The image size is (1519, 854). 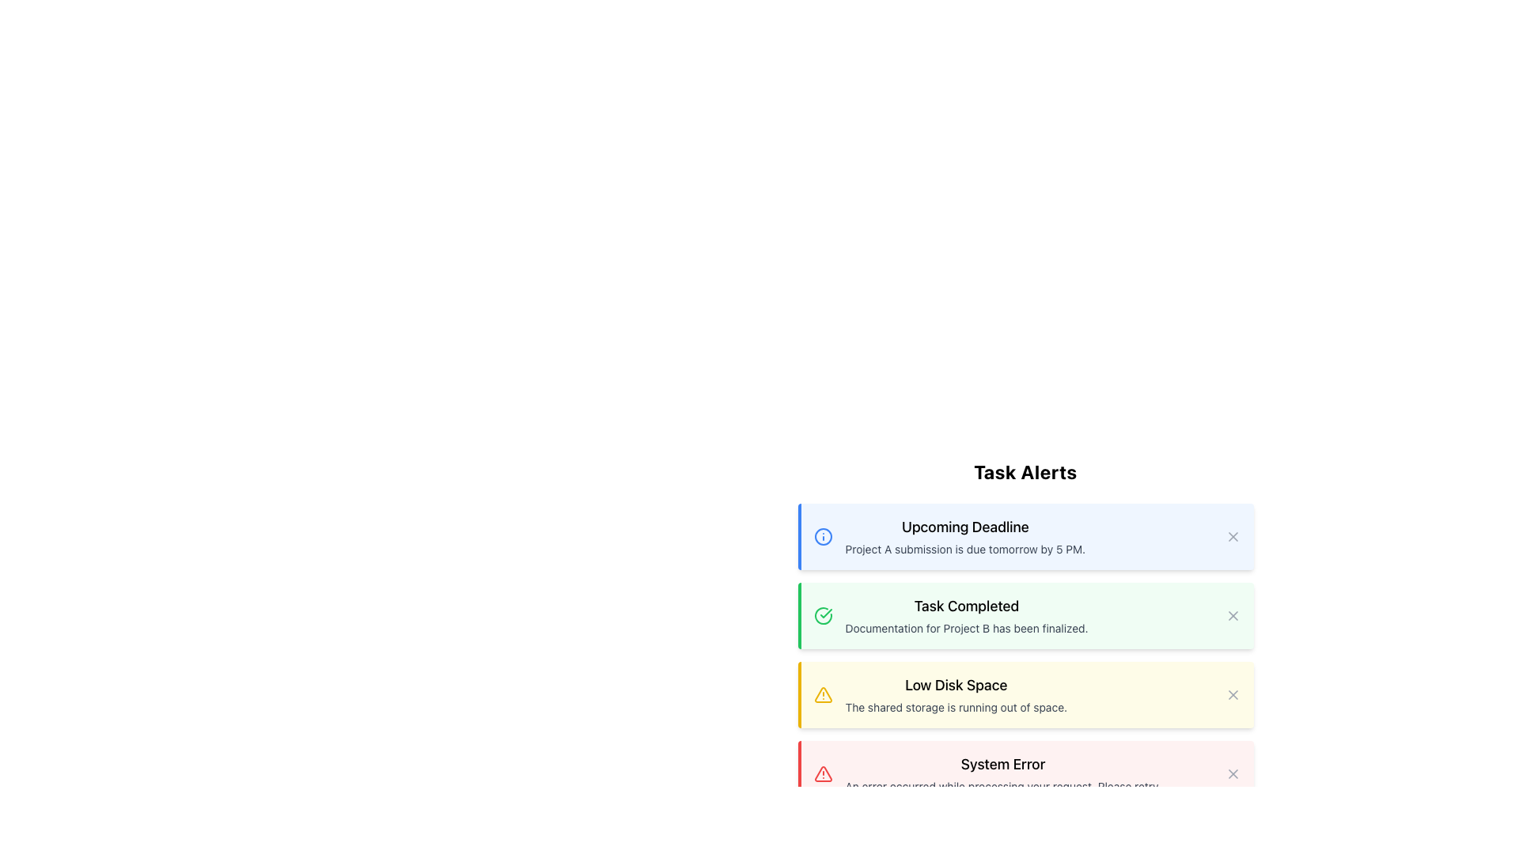 I want to click on the SVG Circle Element centered within the blue-bordered notification card labeled 'Upcoming Deadline', so click(x=823, y=535).